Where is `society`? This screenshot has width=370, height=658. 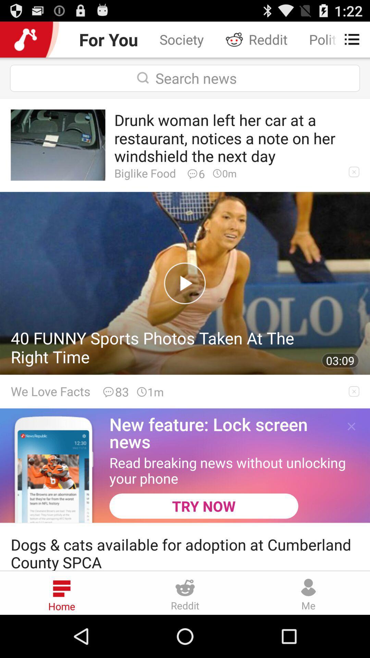
society is located at coordinates (181, 39).